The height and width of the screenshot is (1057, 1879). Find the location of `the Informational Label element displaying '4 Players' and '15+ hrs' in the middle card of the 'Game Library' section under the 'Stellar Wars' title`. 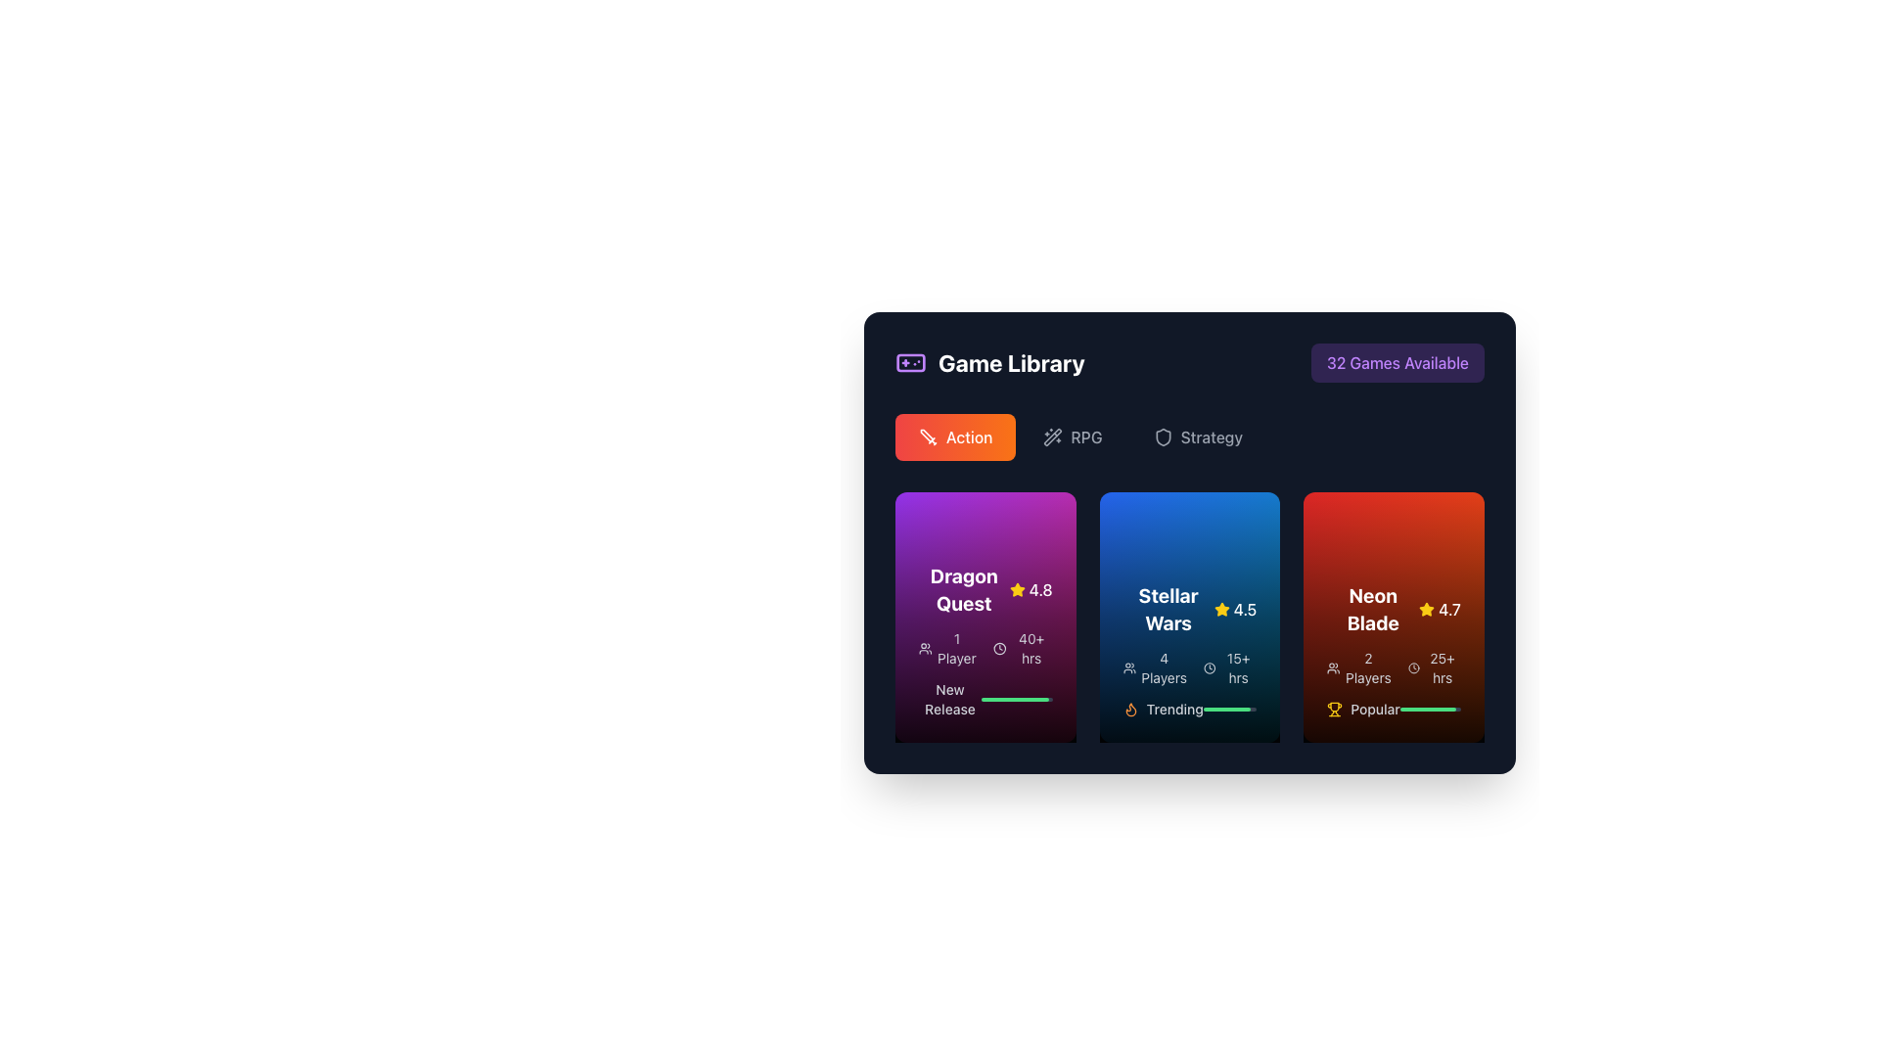

the Informational Label element displaying '4 Players' and '15+ hrs' in the middle card of the 'Game Library' section under the 'Stellar Wars' title is located at coordinates (1188, 666).